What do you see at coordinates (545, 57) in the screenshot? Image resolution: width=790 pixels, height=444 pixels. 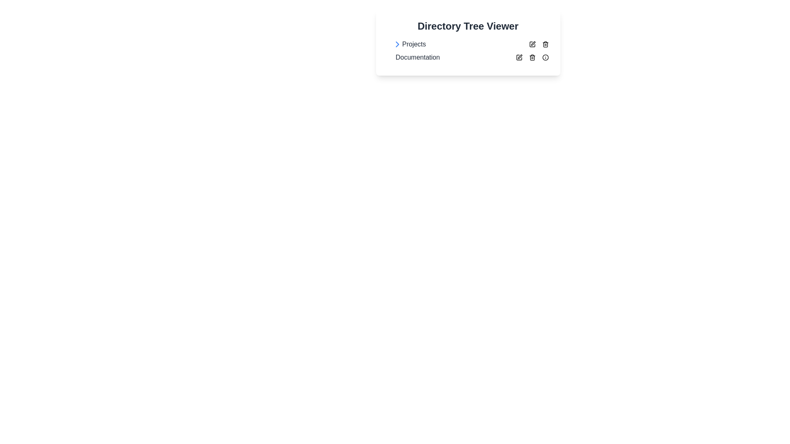 I see `the information icon, which is the last element in the row of action items in the top-right section of the 'Directory Tree Viewer' card` at bounding box center [545, 57].